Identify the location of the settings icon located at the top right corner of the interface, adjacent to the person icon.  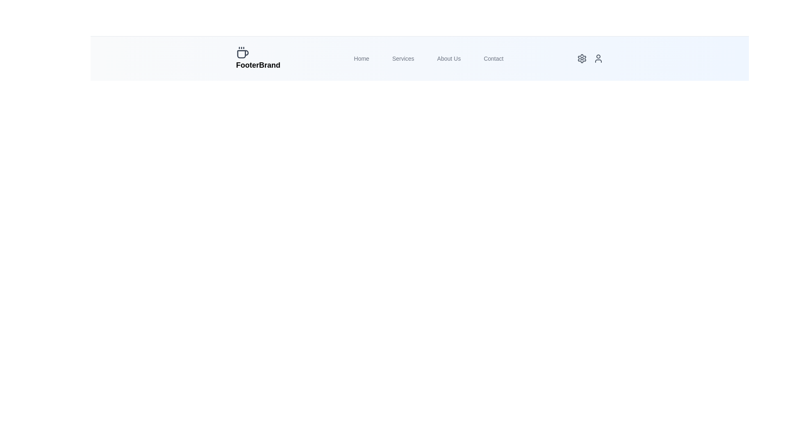
(582, 58).